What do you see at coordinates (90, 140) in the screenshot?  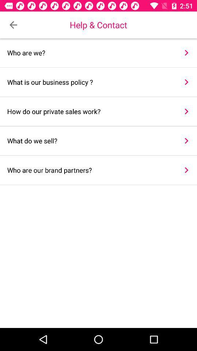 I see `what do we item` at bounding box center [90, 140].